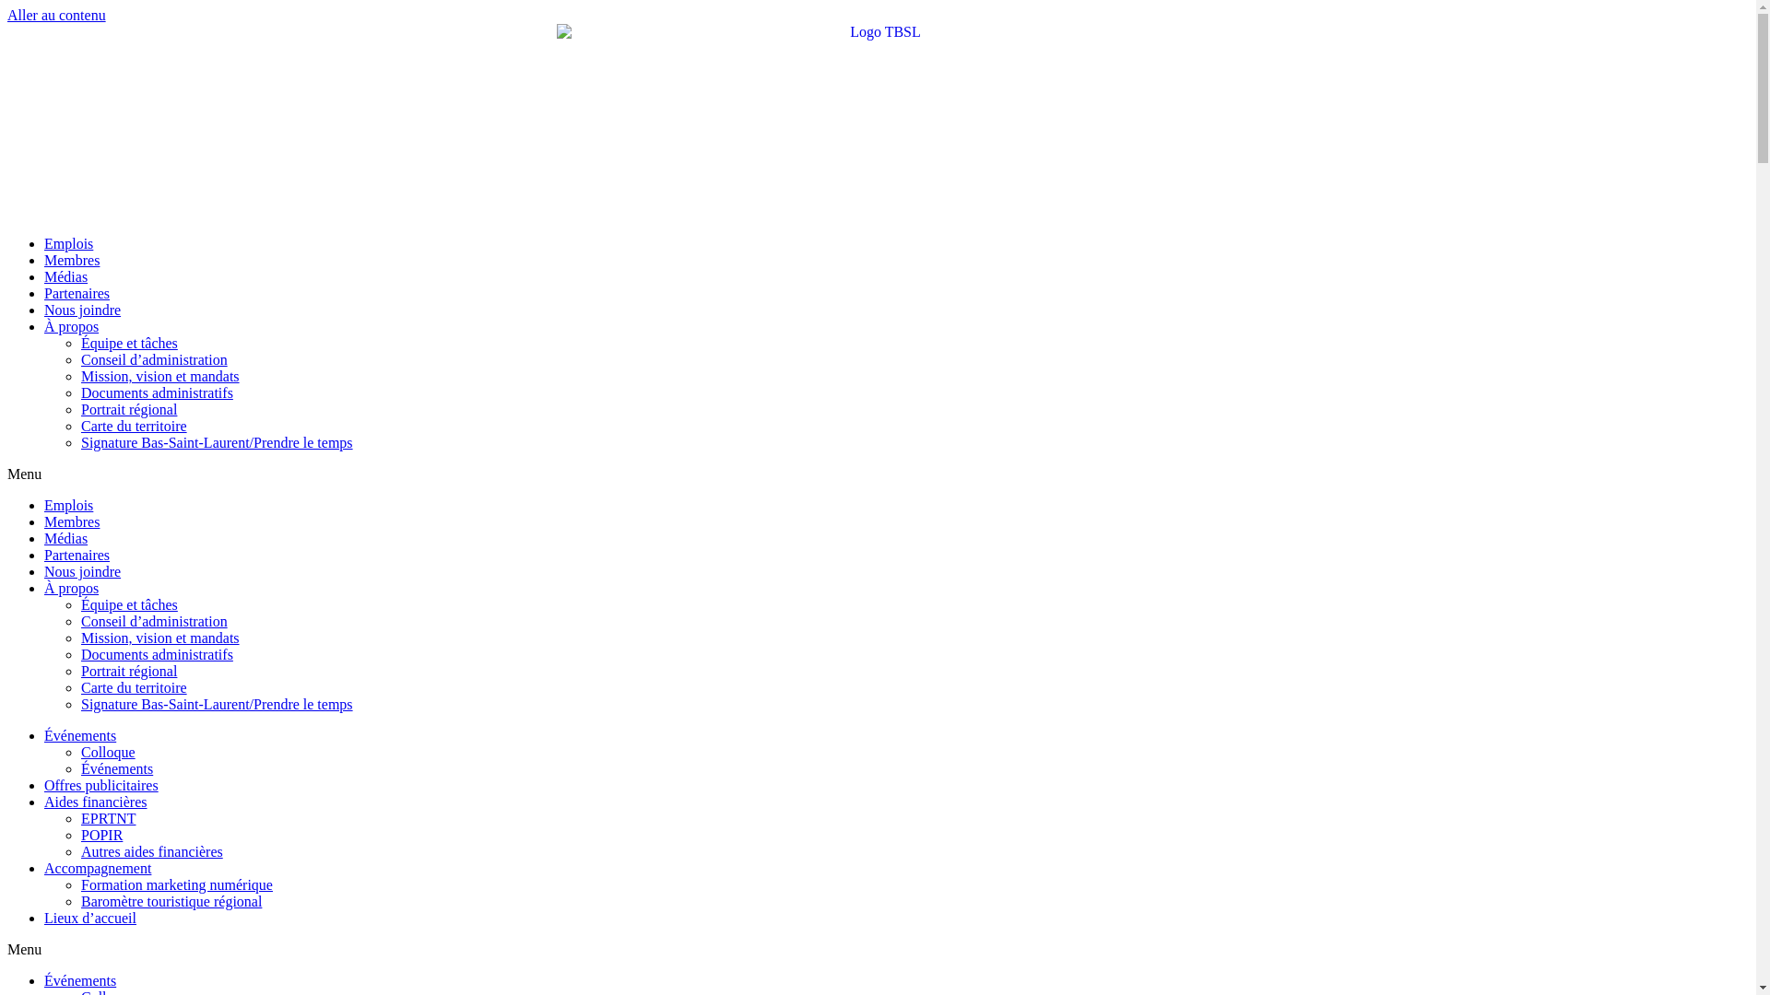 This screenshot has width=1770, height=995. What do you see at coordinates (157, 653) in the screenshot?
I see `'Documents administratifs'` at bounding box center [157, 653].